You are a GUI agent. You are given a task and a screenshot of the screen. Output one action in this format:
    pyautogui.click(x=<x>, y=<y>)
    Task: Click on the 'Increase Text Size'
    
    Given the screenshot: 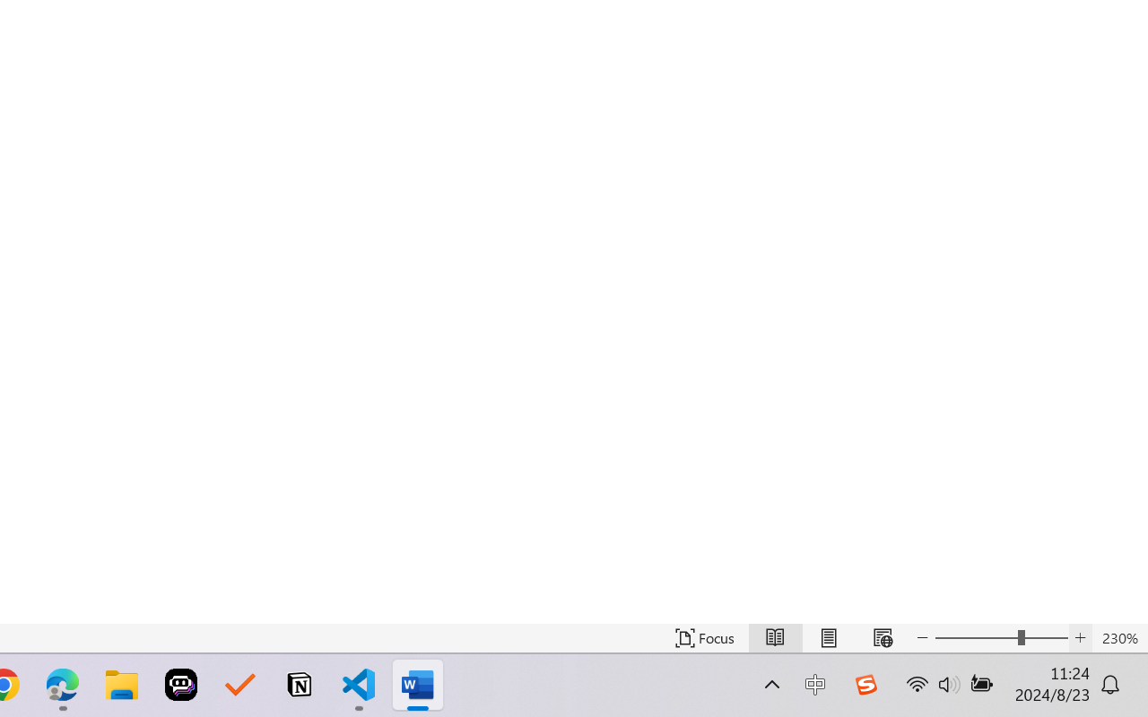 What is the action you would take?
    pyautogui.click(x=1080, y=637)
    